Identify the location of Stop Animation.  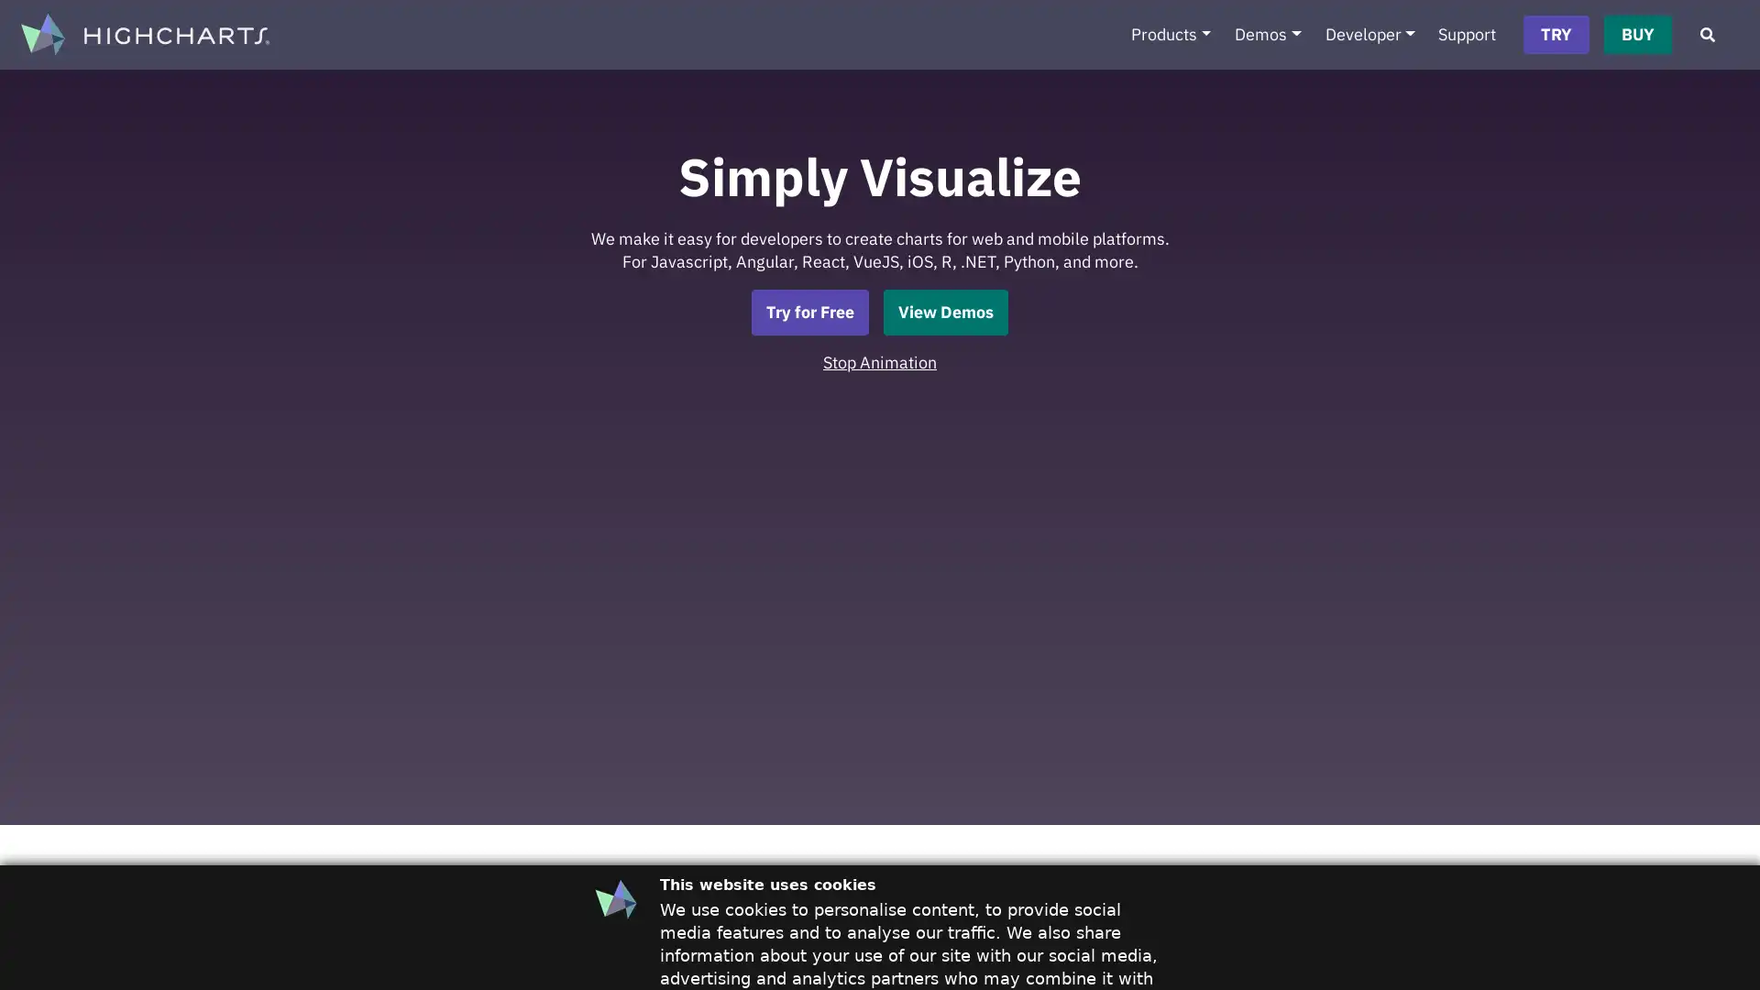
(880, 361).